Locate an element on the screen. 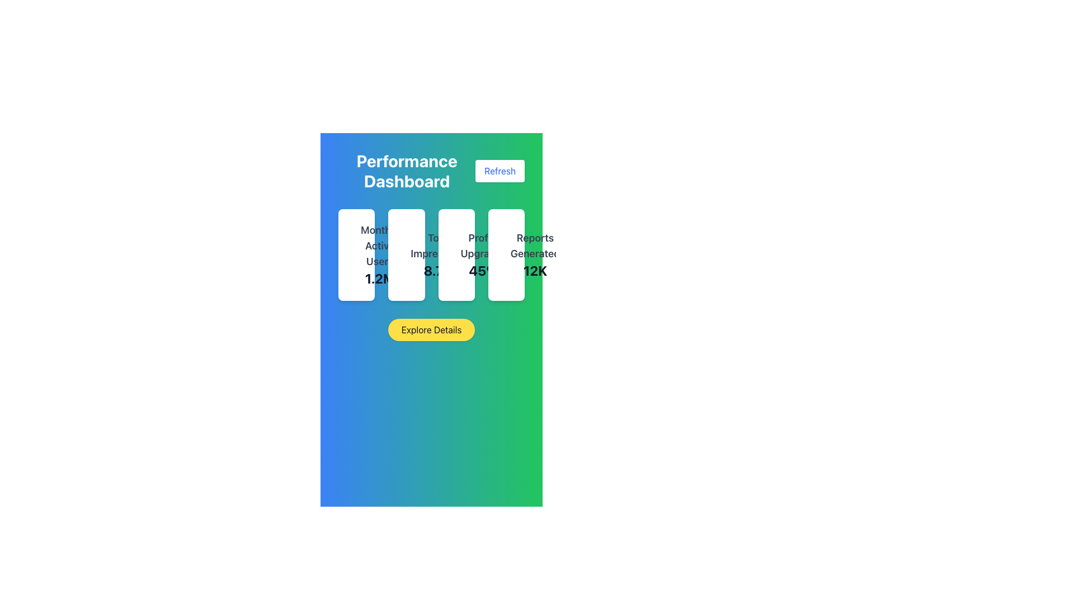 Image resolution: width=1074 pixels, height=604 pixels. the information displayed on the second card labeled 'Total Impressions' in the 'Performance Dashboard' layout is located at coordinates (406, 254).